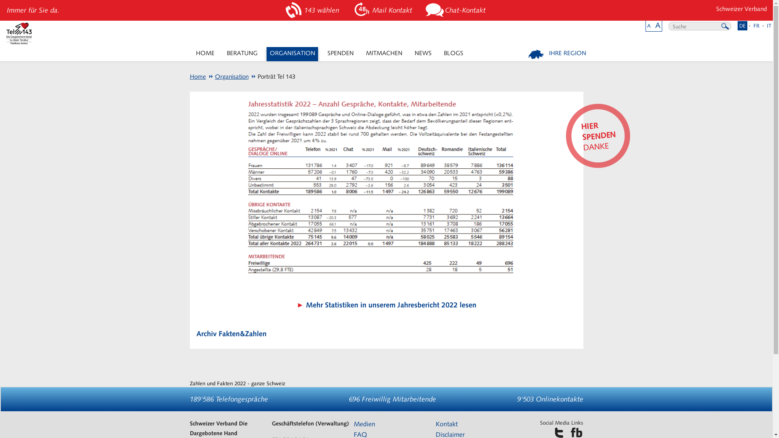 Image resolution: width=779 pixels, height=438 pixels. Describe the element at coordinates (648, 25) in the screenshot. I see `'A'` at that location.